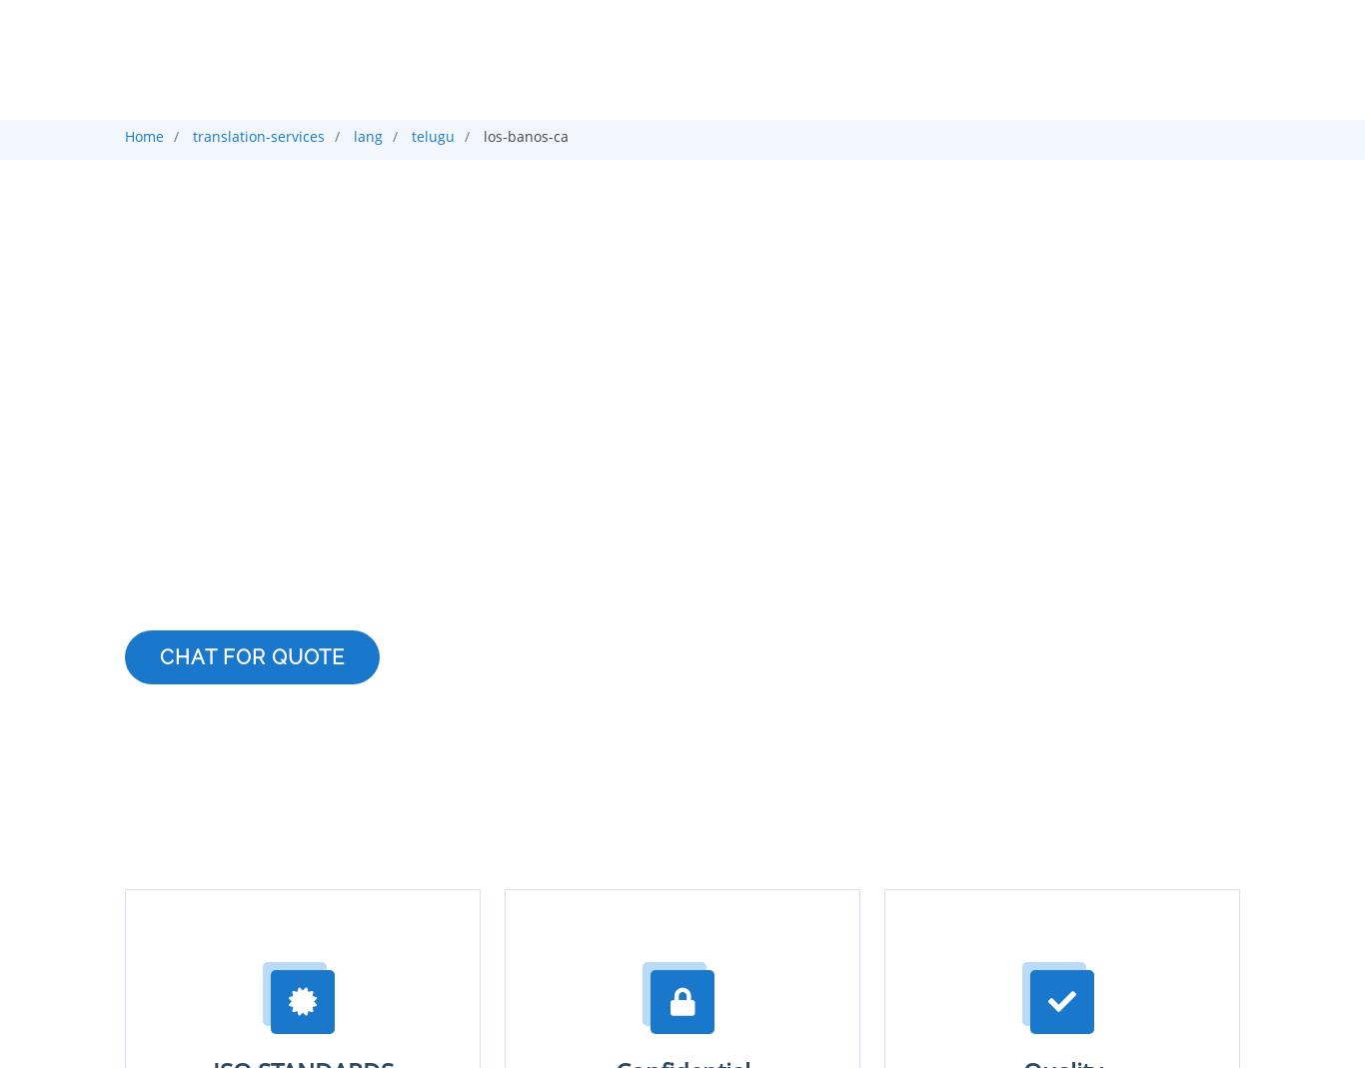 The height and width of the screenshot is (1068, 1365). I want to click on 'Croatian', so click(539, 86).